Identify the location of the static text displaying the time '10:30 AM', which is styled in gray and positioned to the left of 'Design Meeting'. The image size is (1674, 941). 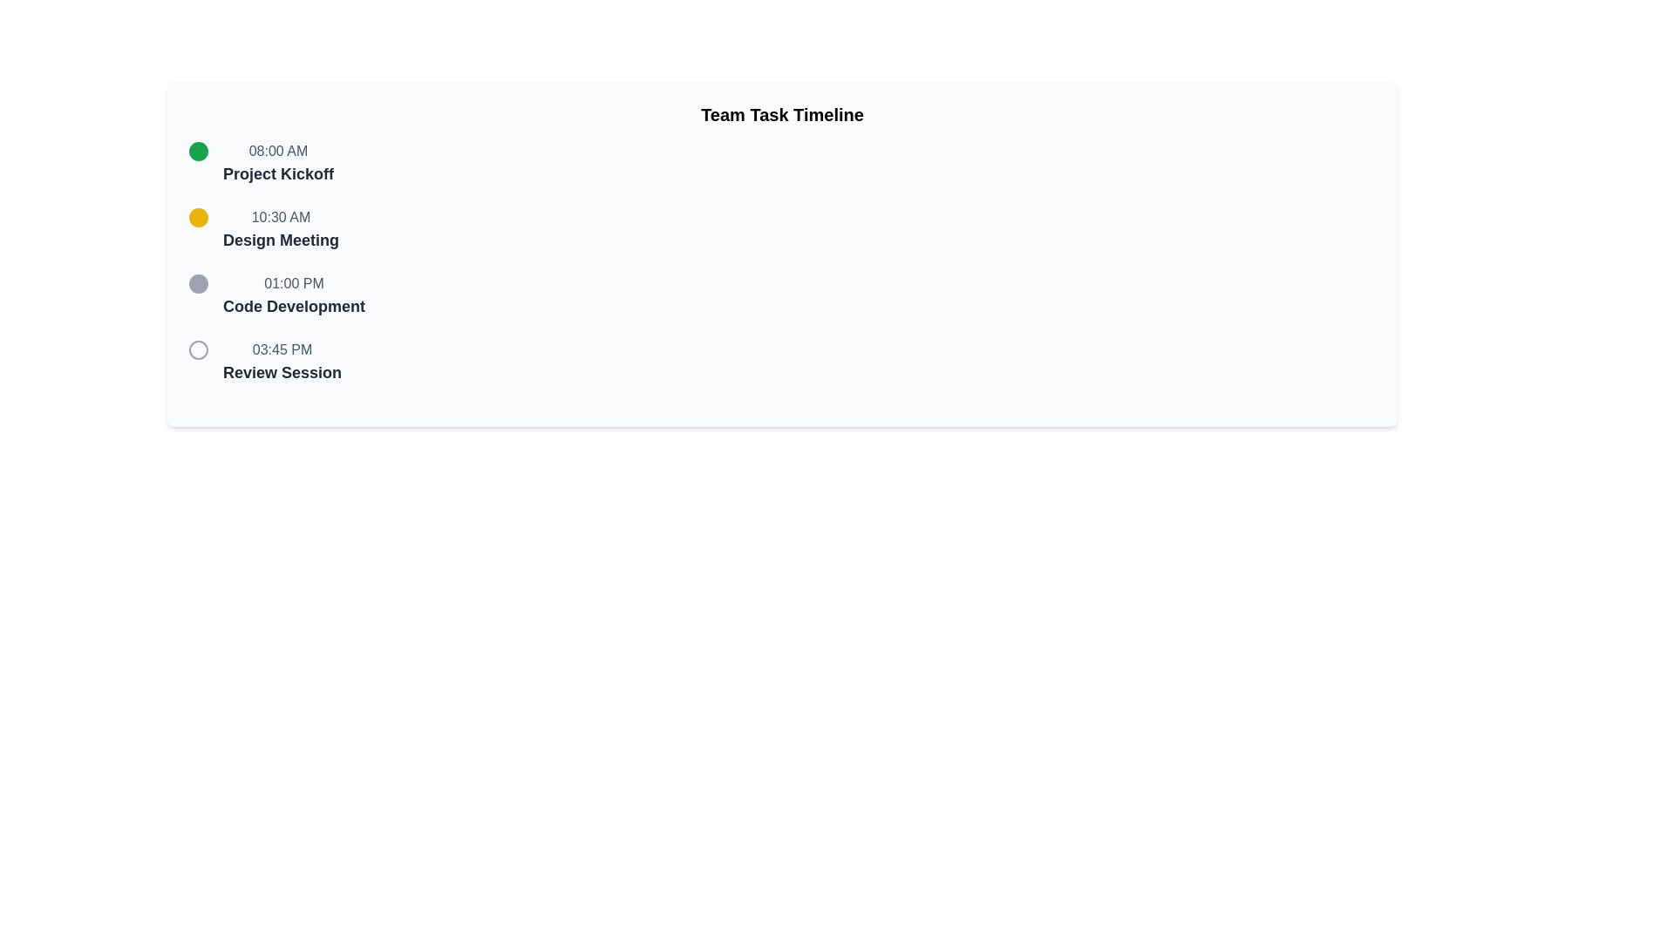
(281, 217).